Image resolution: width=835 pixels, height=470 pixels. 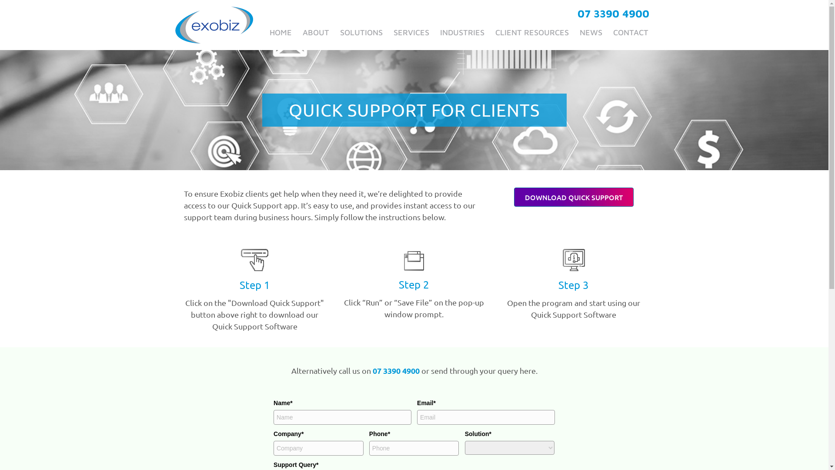 I want to click on 'icn-open-program-start-bw', so click(x=574, y=259).